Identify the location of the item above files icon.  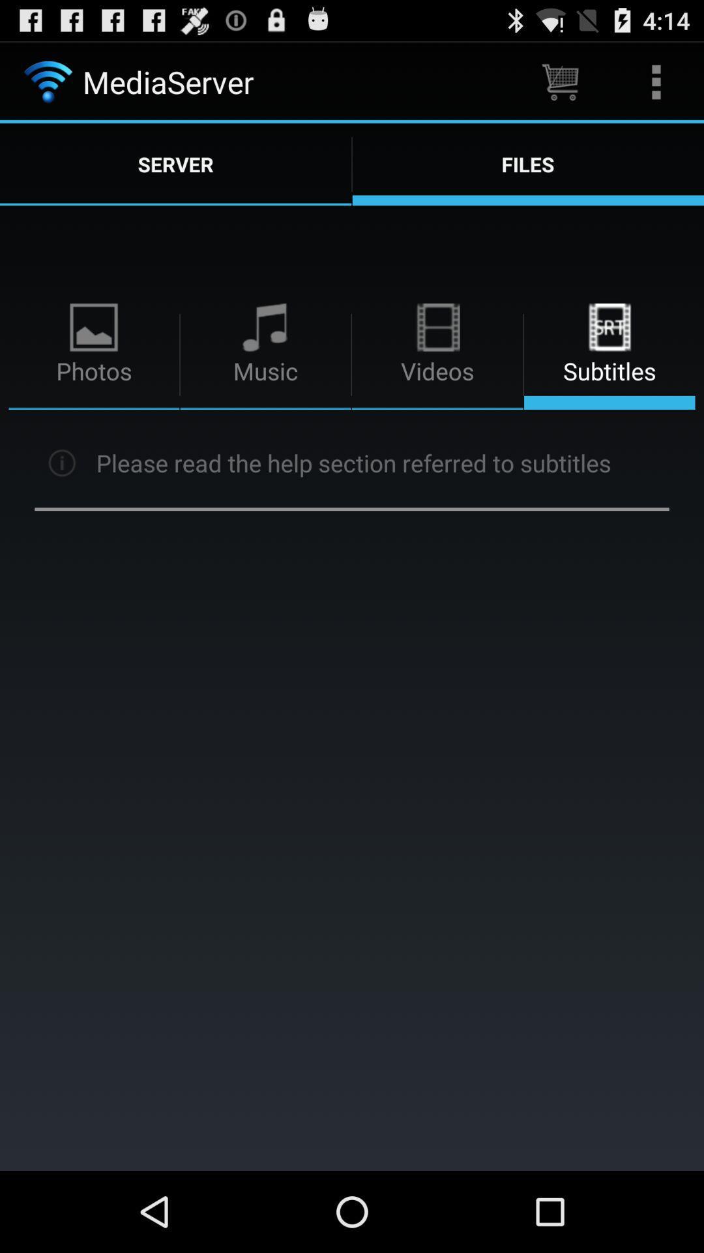
(559, 81).